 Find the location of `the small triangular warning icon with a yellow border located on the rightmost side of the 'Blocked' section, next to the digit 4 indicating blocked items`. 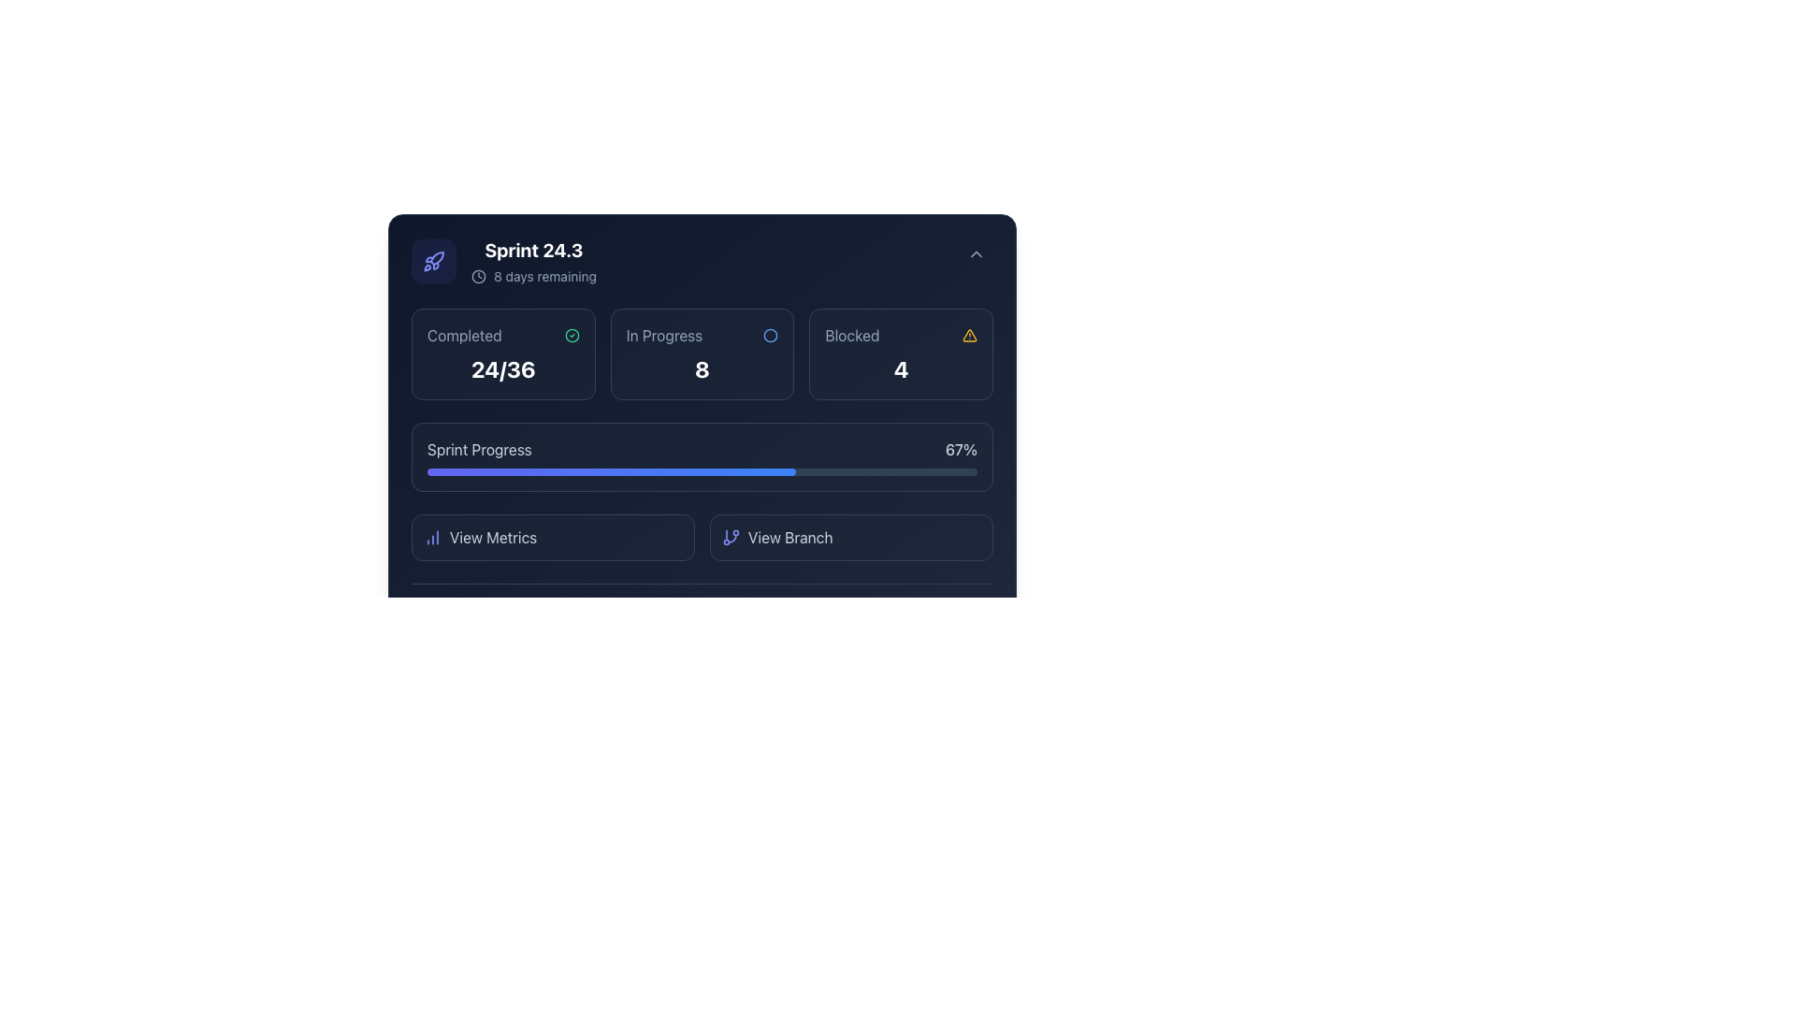

the small triangular warning icon with a yellow border located on the rightmost side of the 'Blocked' section, next to the digit 4 indicating blocked items is located at coordinates (969, 334).